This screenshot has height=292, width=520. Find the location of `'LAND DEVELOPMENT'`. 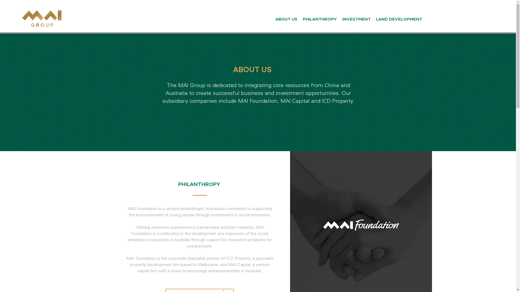

'LAND DEVELOPMENT' is located at coordinates (399, 16).